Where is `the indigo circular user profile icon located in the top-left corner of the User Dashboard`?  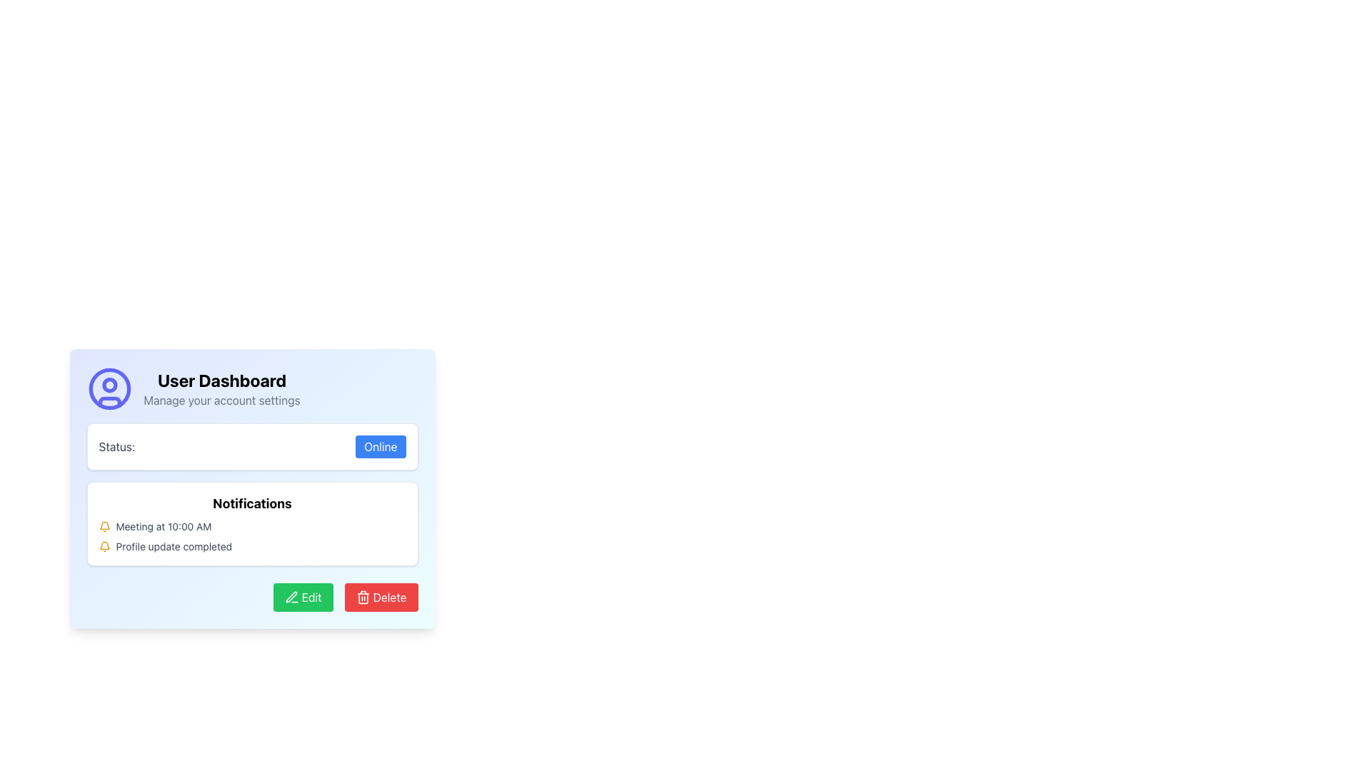
the indigo circular user profile icon located in the top-left corner of the User Dashboard is located at coordinates (109, 388).